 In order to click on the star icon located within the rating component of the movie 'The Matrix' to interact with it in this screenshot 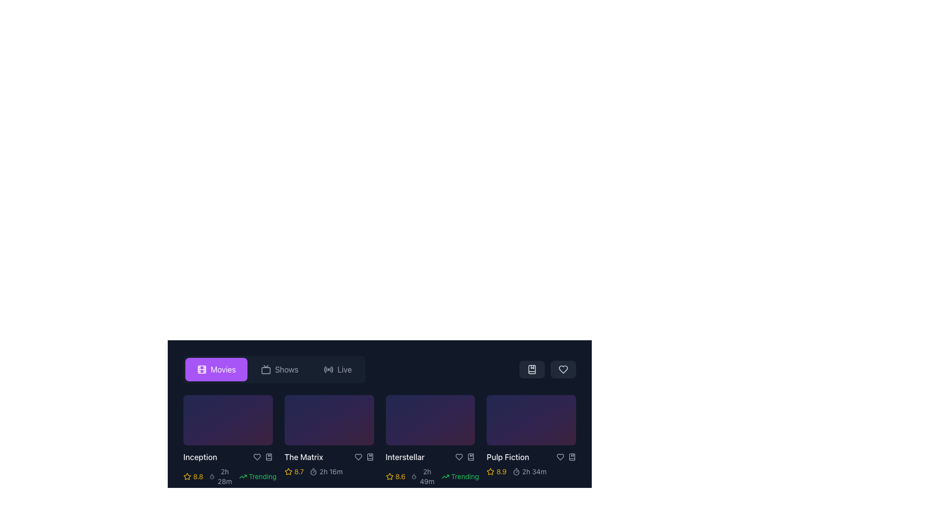, I will do `click(288, 471)`.